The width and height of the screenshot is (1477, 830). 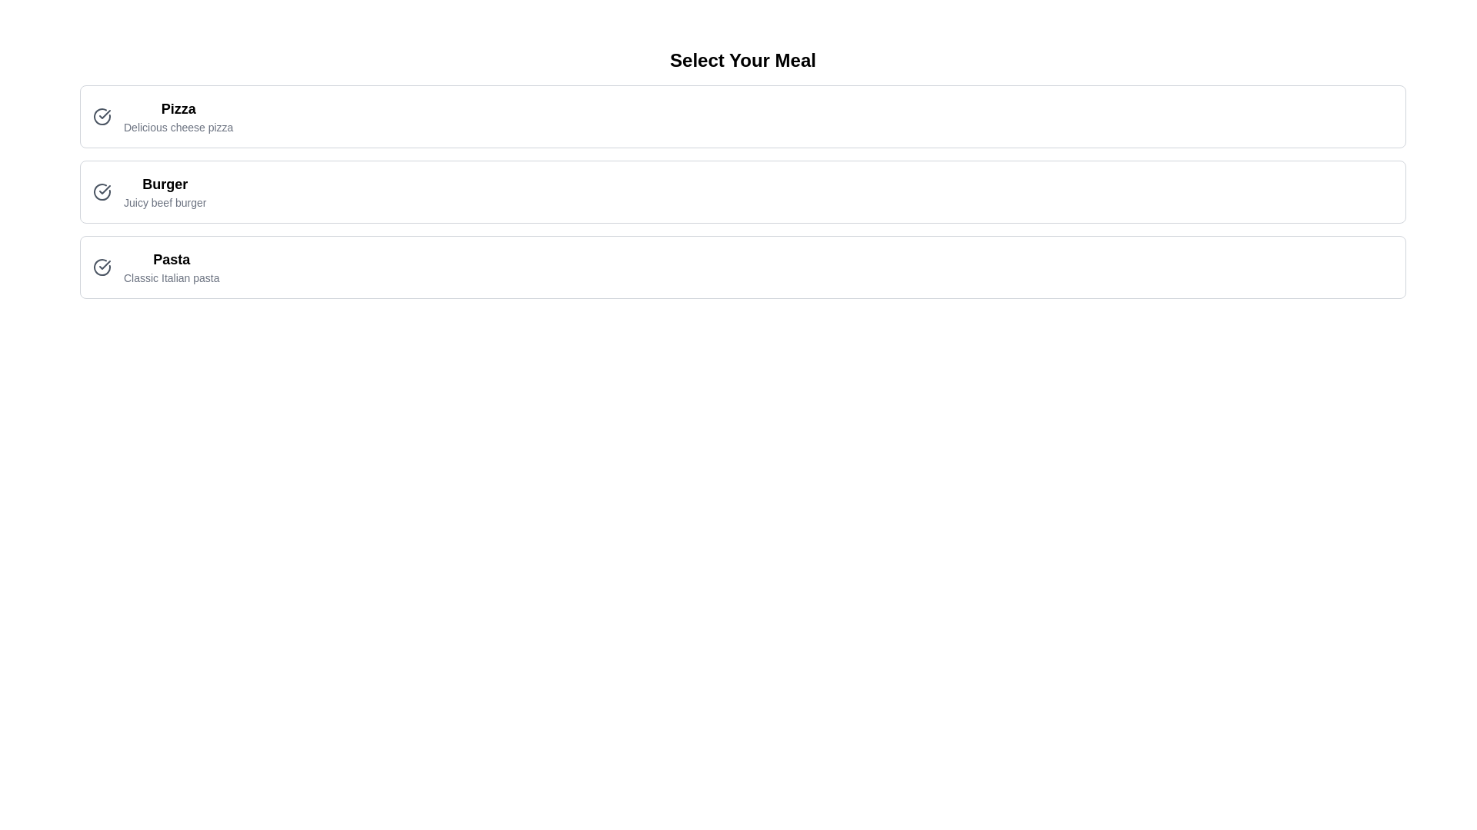 What do you see at coordinates (172, 259) in the screenshot?
I see `the text label 'Pasta', which is styled in a large and bold font and is the main label of the third section in a vertical list of options` at bounding box center [172, 259].